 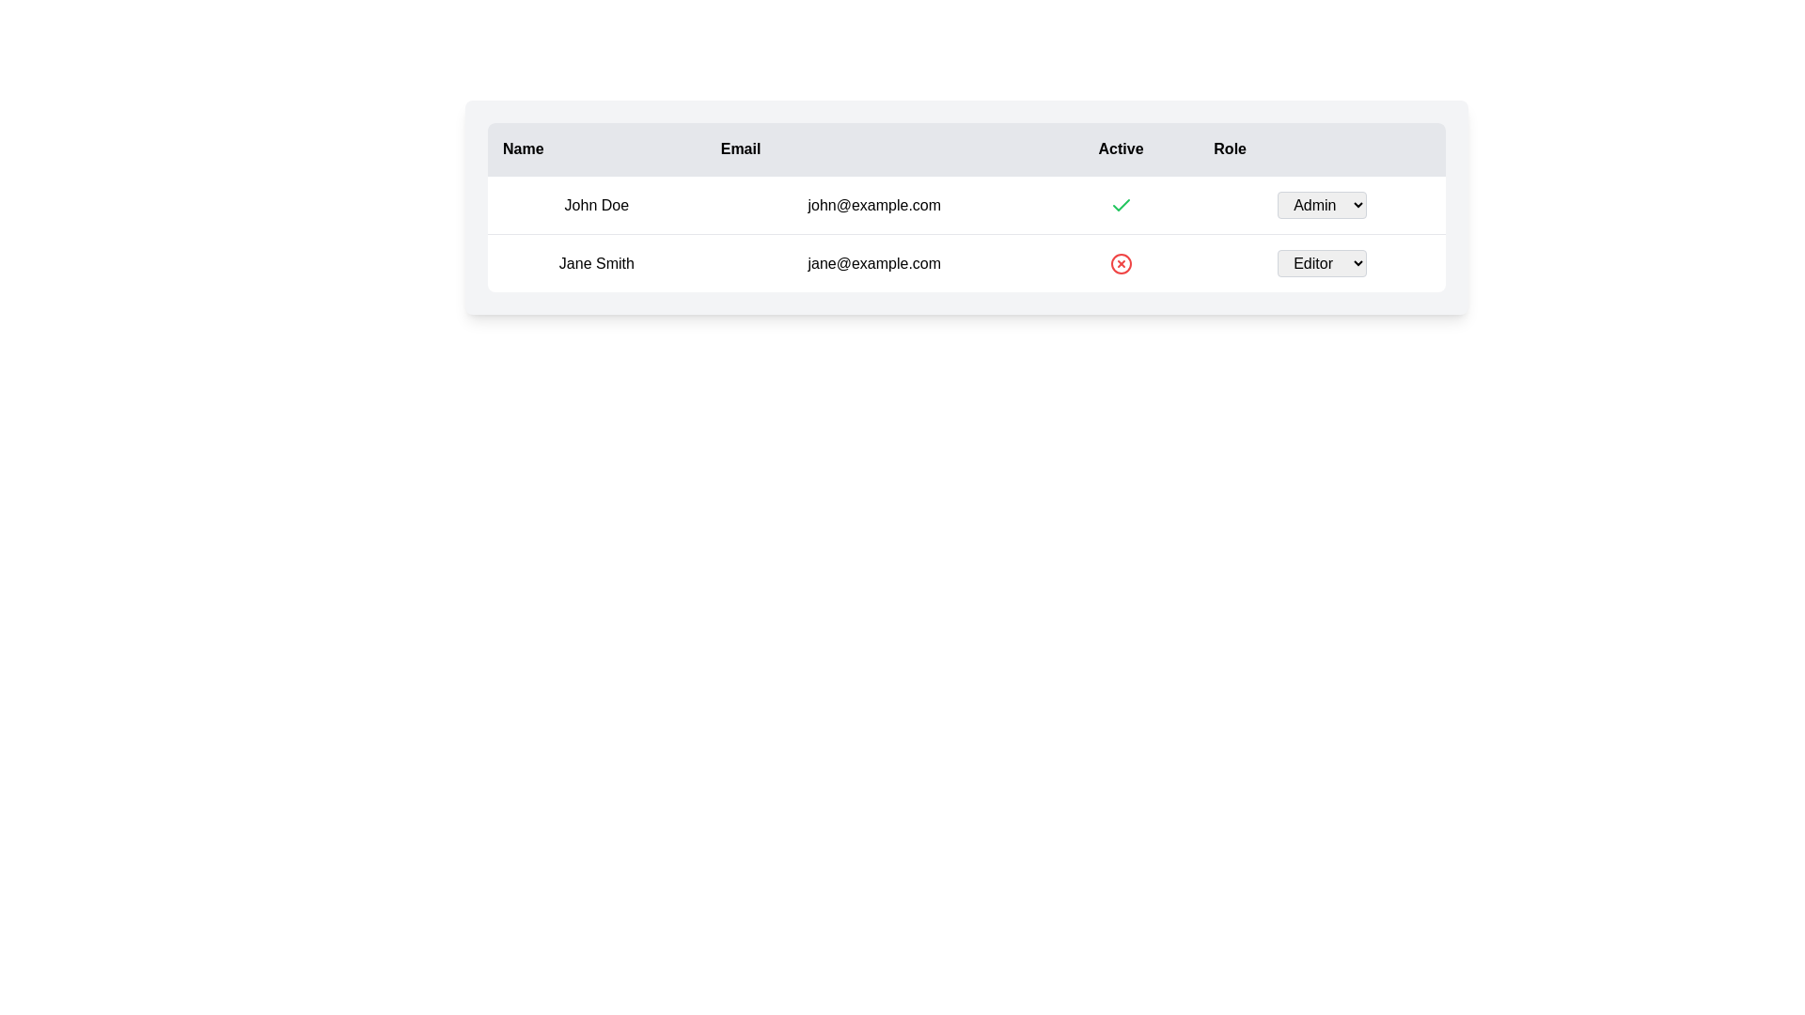 I want to click on the red 'X' icon indicating a negative status in the 'Active' column for Jane Smith in the second row of the table, so click(x=1121, y=263).